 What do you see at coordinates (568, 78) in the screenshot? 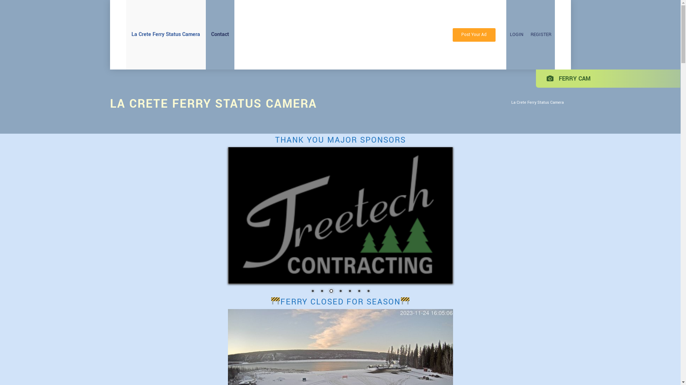
I see `'FERRY CAM'` at bounding box center [568, 78].